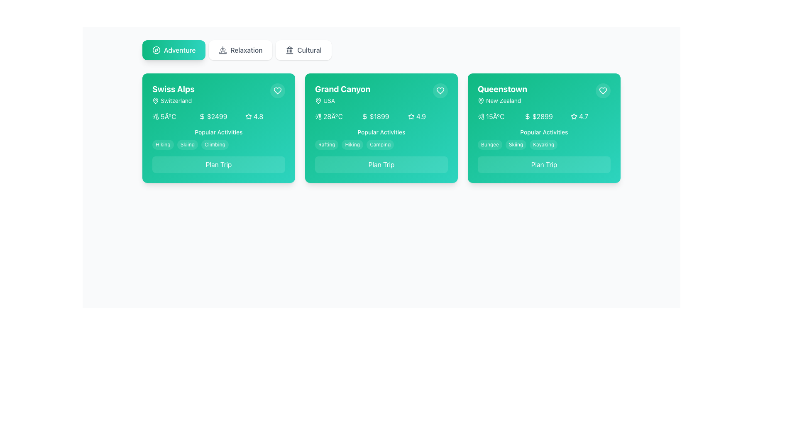 This screenshot has height=448, width=797. Describe the element at coordinates (381, 132) in the screenshot. I see `the Text Label that serves as a heading for the list of activities displayed below it, located in the second card of three, positioned above the activity tags 'Rafting', 'Hiking', and 'Camping'` at that location.